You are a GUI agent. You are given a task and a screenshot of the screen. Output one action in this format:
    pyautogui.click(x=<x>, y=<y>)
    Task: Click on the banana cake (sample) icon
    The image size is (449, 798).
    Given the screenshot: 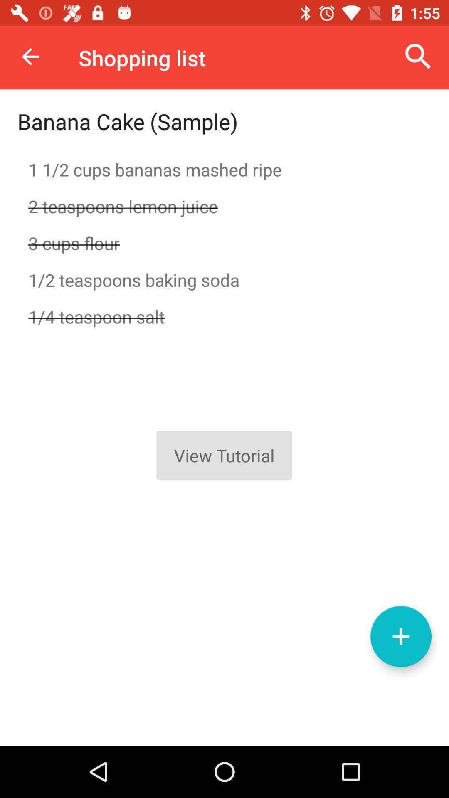 What is the action you would take?
    pyautogui.click(x=128, y=121)
    